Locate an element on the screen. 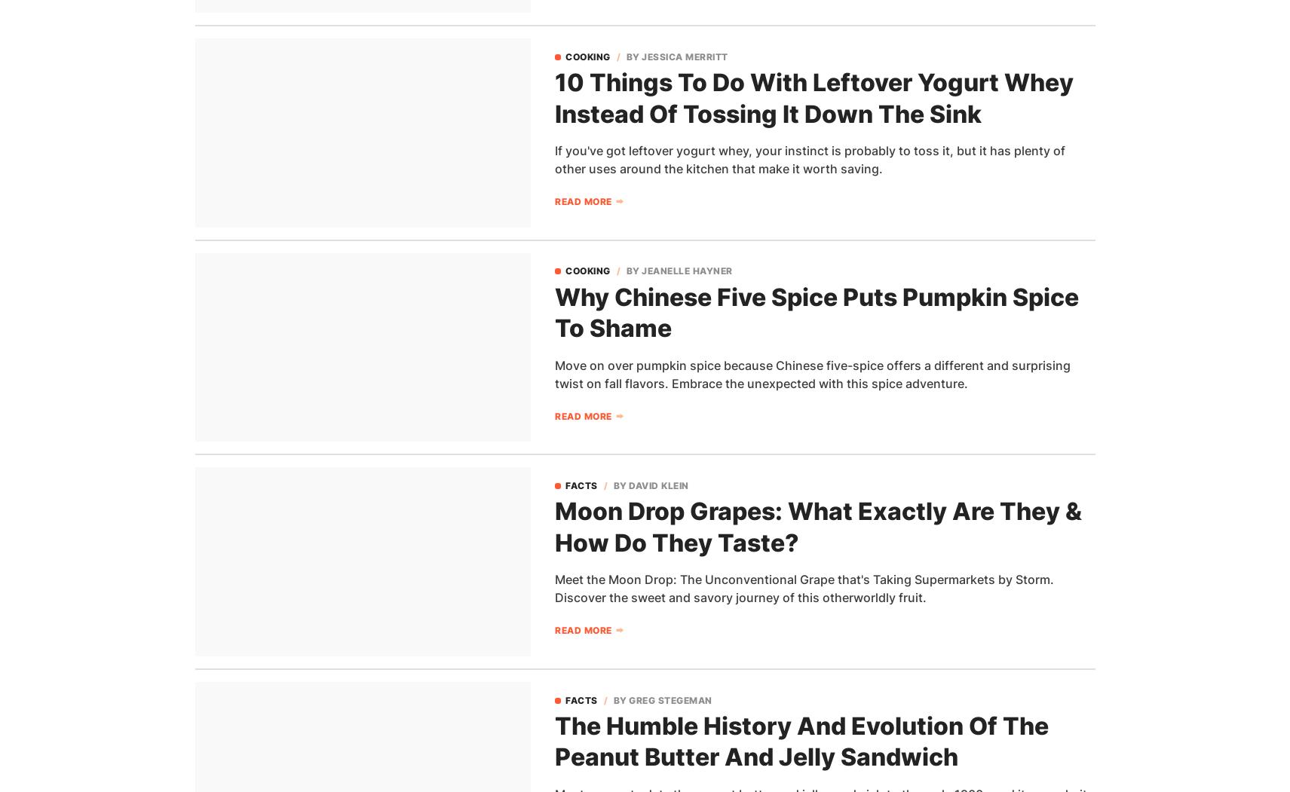 The image size is (1290, 792). 'If you've got leftover yogurt whey, your instinct is probably to toss it, but it has plenty of other uses around the kitchen that make it worth saving.' is located at coordinates (554, 158).